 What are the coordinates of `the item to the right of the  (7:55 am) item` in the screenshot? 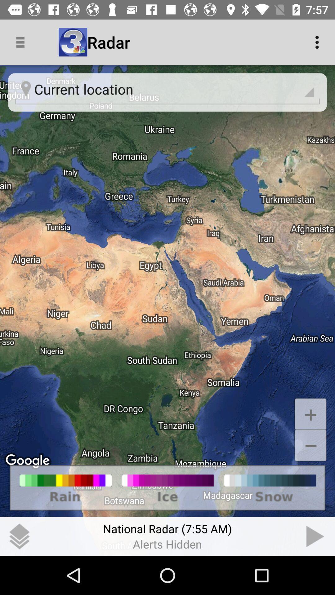 It's located at (315, 536).